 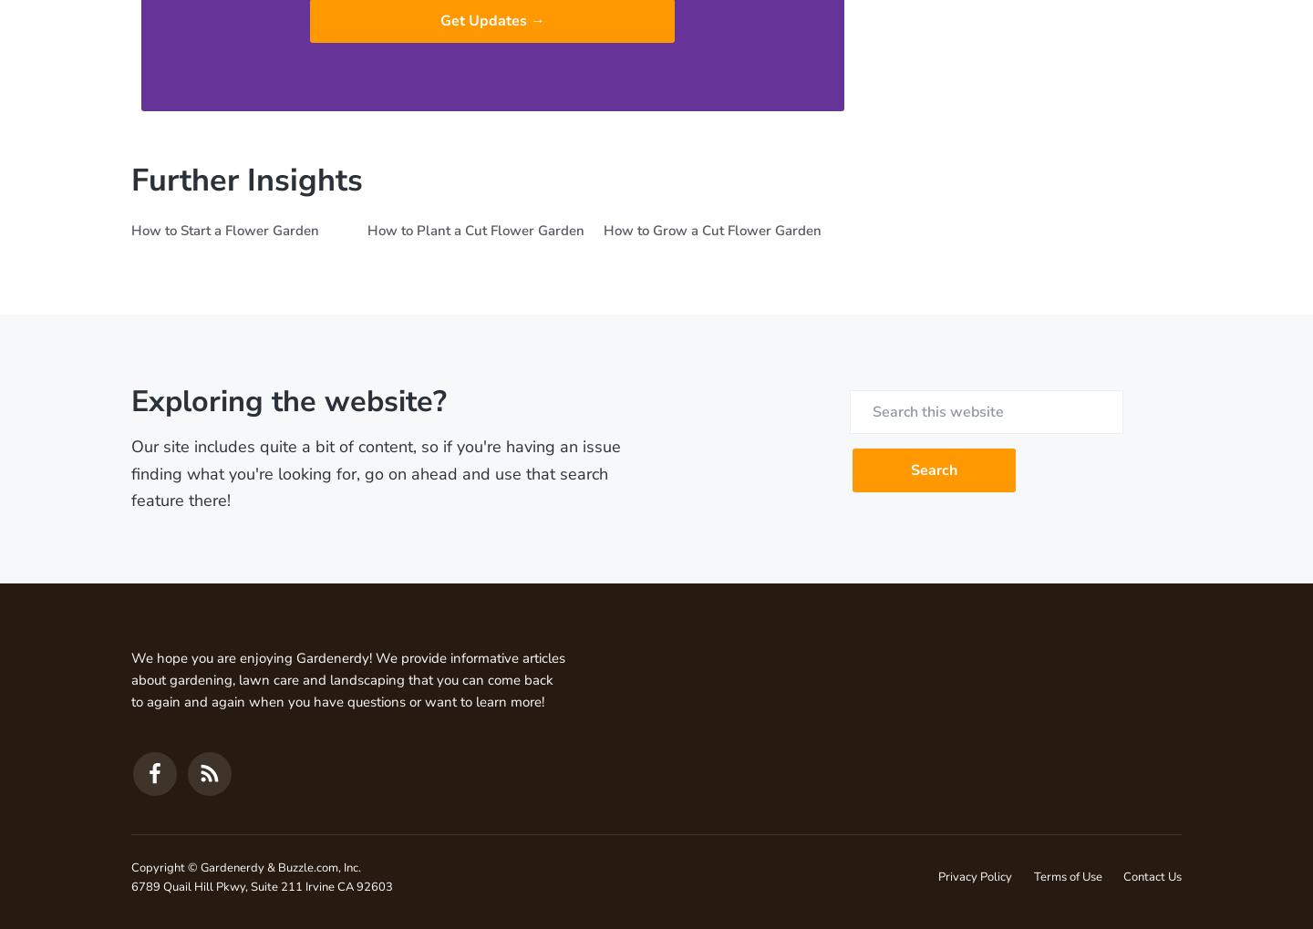 I want to click on '6789 Quail Hill Pkwy, Suite 211 Irvine CA 92603', so click(x=261, y=885).